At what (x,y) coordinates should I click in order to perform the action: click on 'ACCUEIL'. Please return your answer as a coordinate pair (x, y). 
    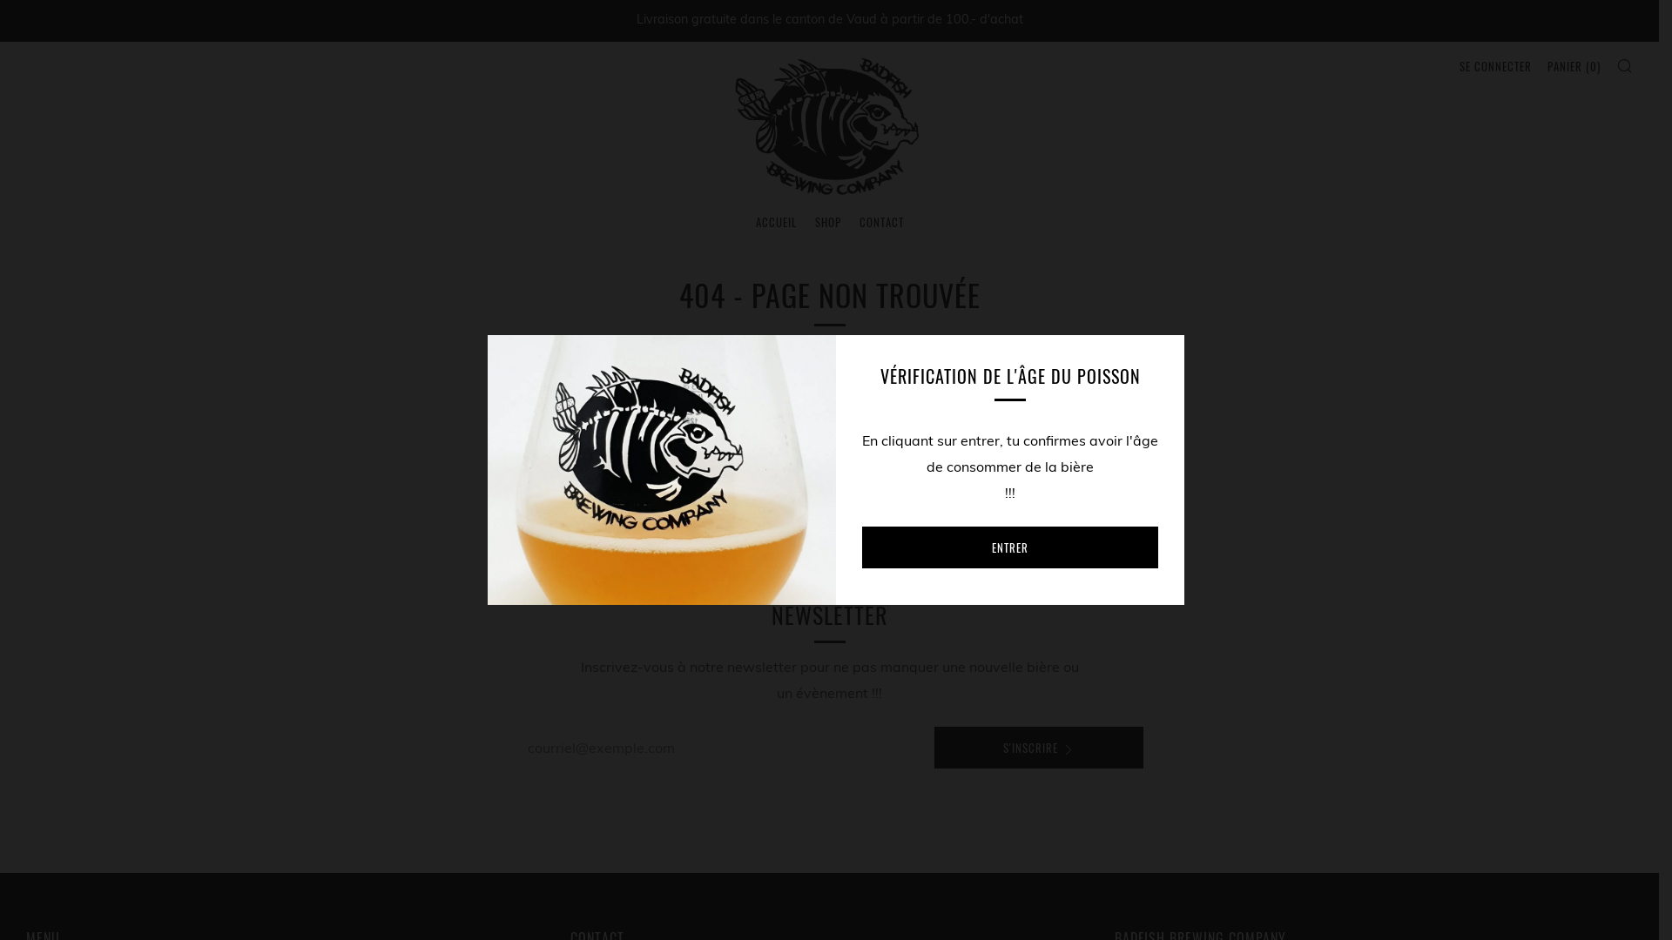
    Looking at the image, I should click on (775, 220).